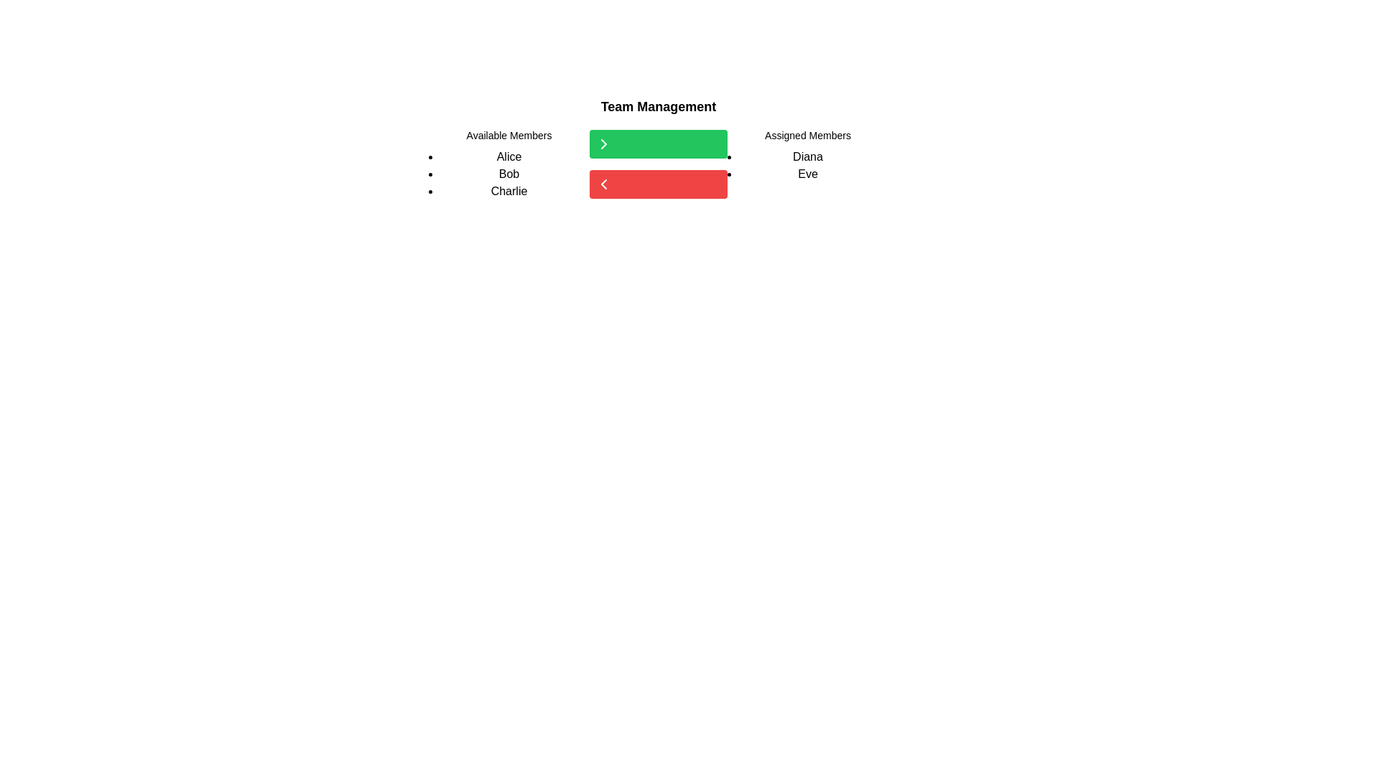 The width and height of the screenshot is (1379, 775). I want to click on the chevron icon located centrally within the red rectangular button, which is positioned between the 'Available Members' and 'Assigned Members' columns in the team management interface, so click(603, 184).